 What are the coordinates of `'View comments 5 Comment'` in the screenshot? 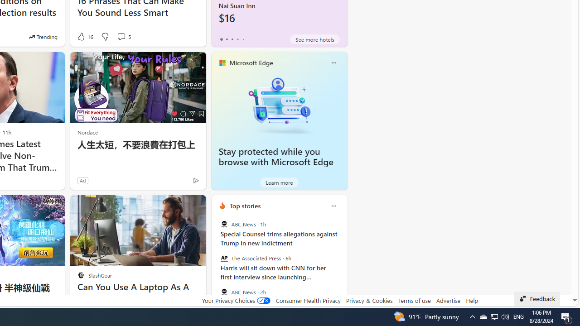 It's located at (121, 36).